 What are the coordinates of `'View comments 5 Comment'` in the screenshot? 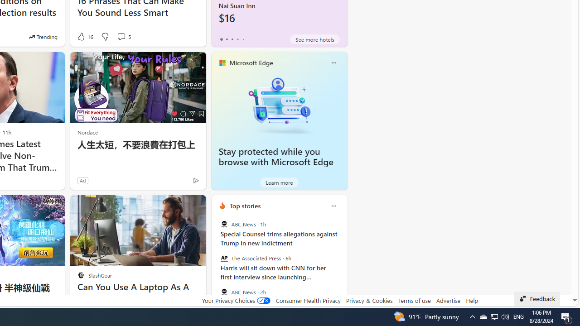 It's located at (121, 36).